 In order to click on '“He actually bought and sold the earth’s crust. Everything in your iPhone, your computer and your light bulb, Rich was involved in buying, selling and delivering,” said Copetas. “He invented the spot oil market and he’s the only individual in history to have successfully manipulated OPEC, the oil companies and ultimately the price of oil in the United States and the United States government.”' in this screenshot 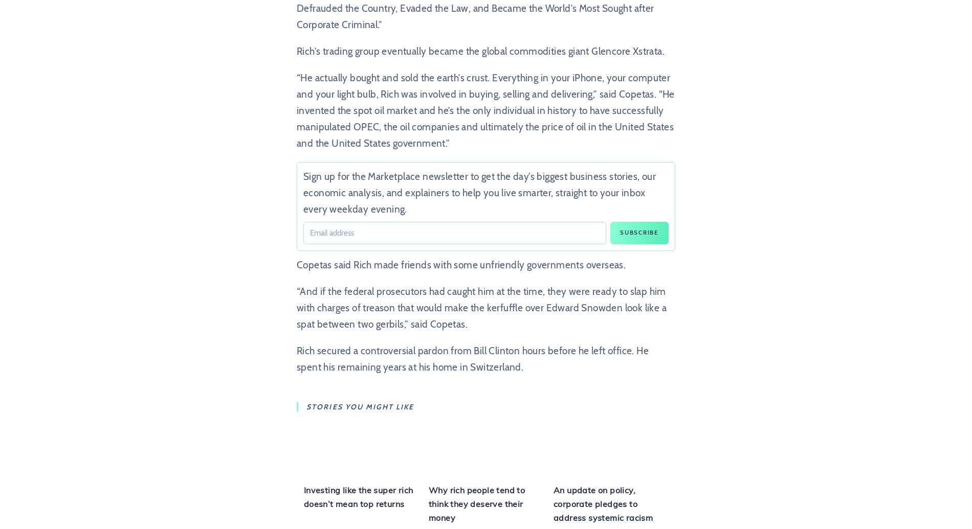, I will do `click(485, 110)`.